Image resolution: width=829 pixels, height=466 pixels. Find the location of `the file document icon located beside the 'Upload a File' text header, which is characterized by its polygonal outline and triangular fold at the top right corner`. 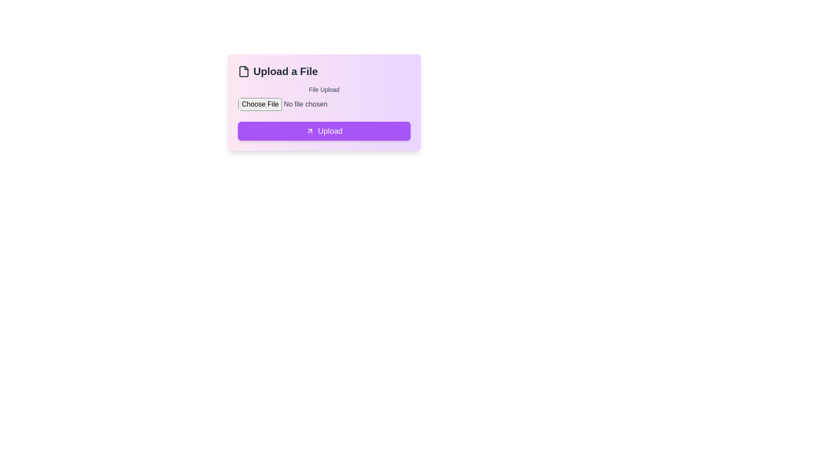

the file document icon located beside the 'Upload a File' text header, which is characterized by its polygonal outline and triangular fold at the top right corner is located at coordinates (244, 71).